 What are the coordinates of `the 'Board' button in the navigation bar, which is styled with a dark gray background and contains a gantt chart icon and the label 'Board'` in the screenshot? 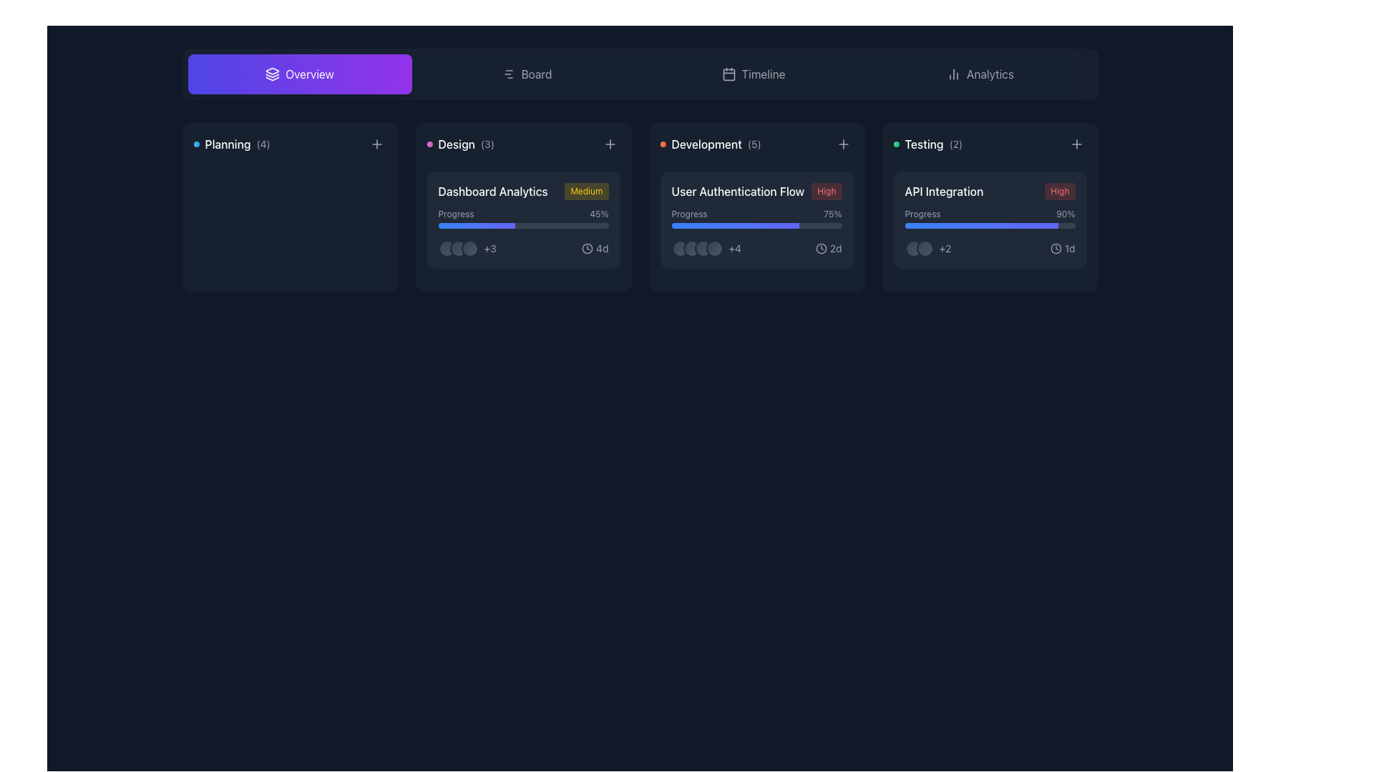 It's located at (525, 74).